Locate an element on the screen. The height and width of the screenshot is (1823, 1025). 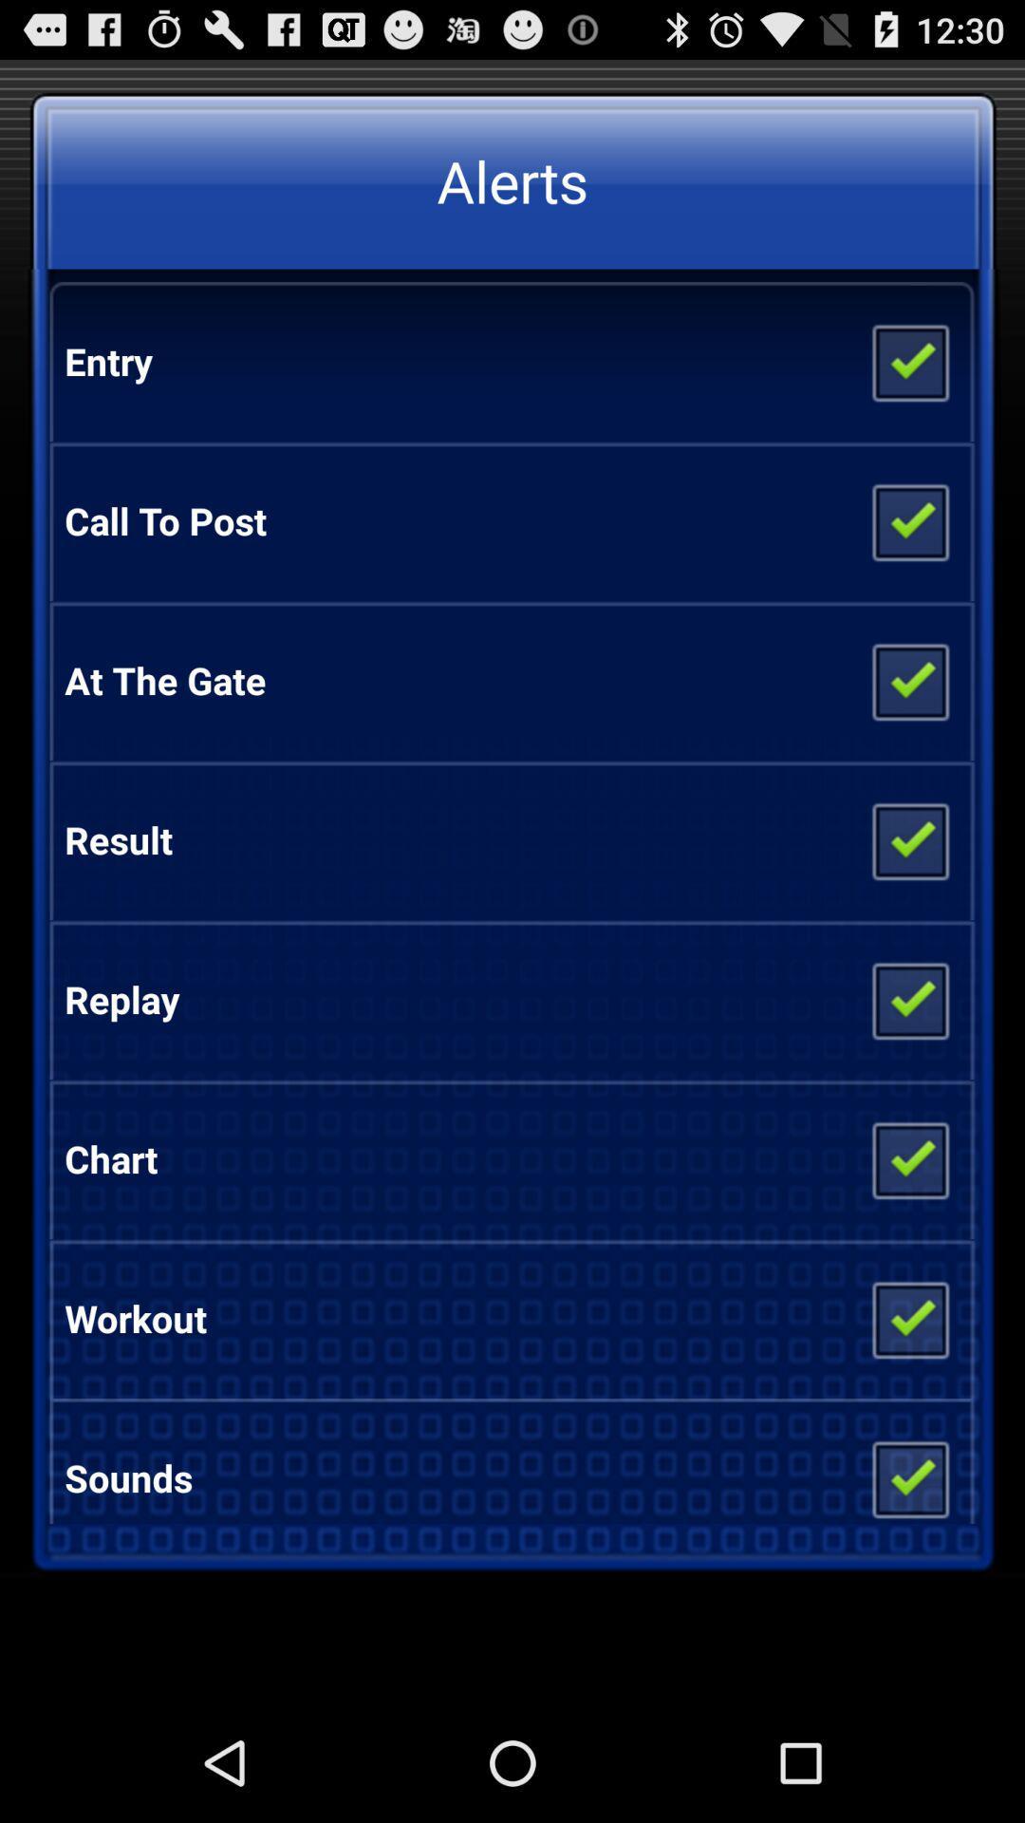
item next to the call to post is located at coordinates (908, 520).